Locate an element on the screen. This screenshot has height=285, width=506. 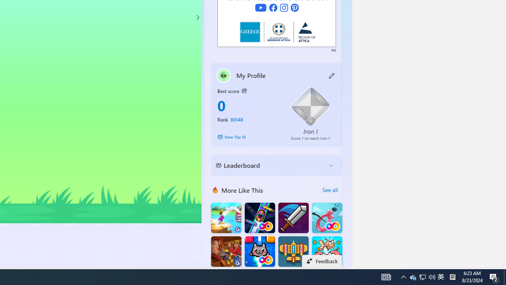
'Saloon Robbery' is located at coordinates (226, 251).